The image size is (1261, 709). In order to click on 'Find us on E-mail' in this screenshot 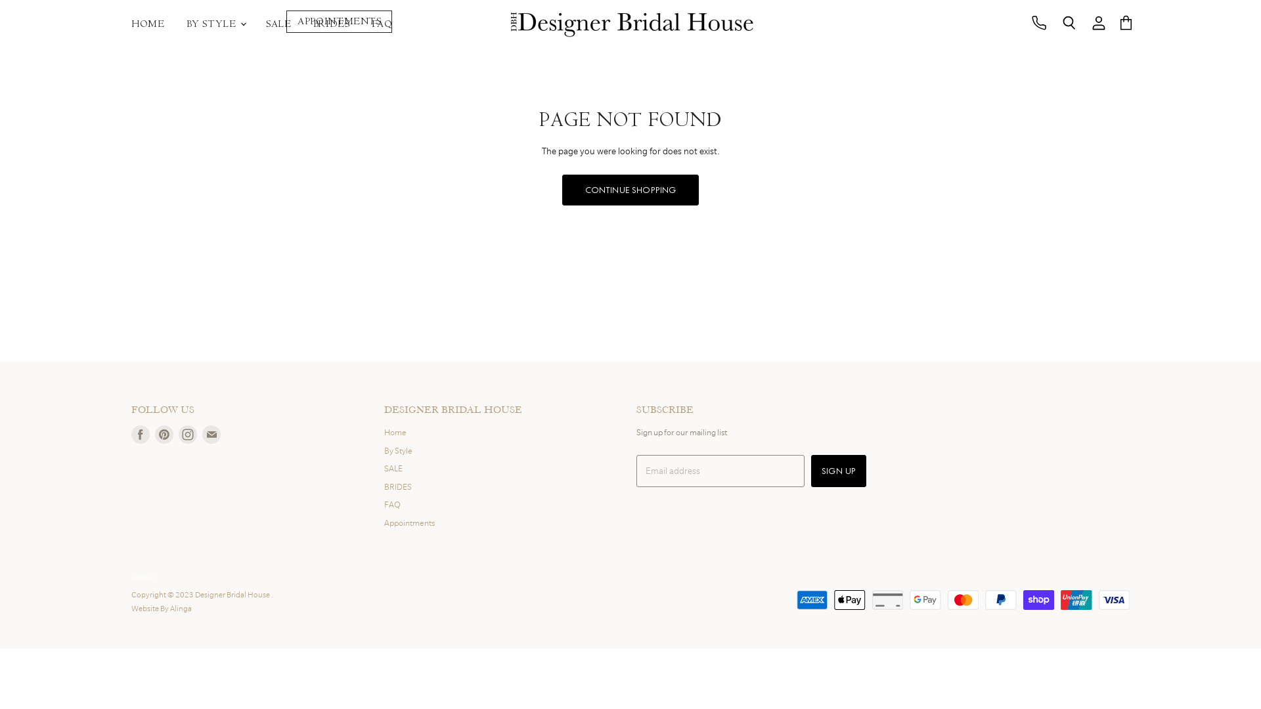, I will do `click(211, 435)`.